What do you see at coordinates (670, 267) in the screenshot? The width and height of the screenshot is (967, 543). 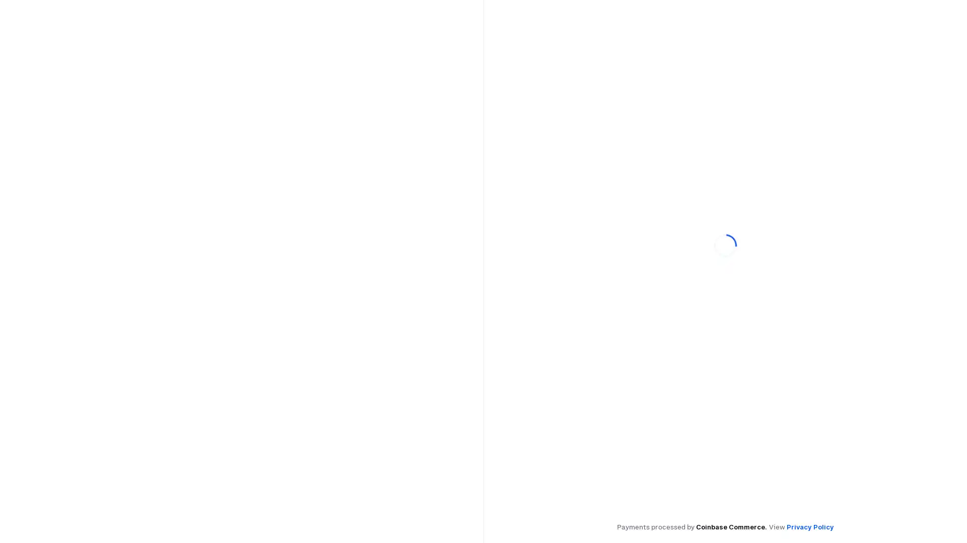 I see `Bitcoin Cash Bitcoin Cash BCH` at bounding box center [670, 267].